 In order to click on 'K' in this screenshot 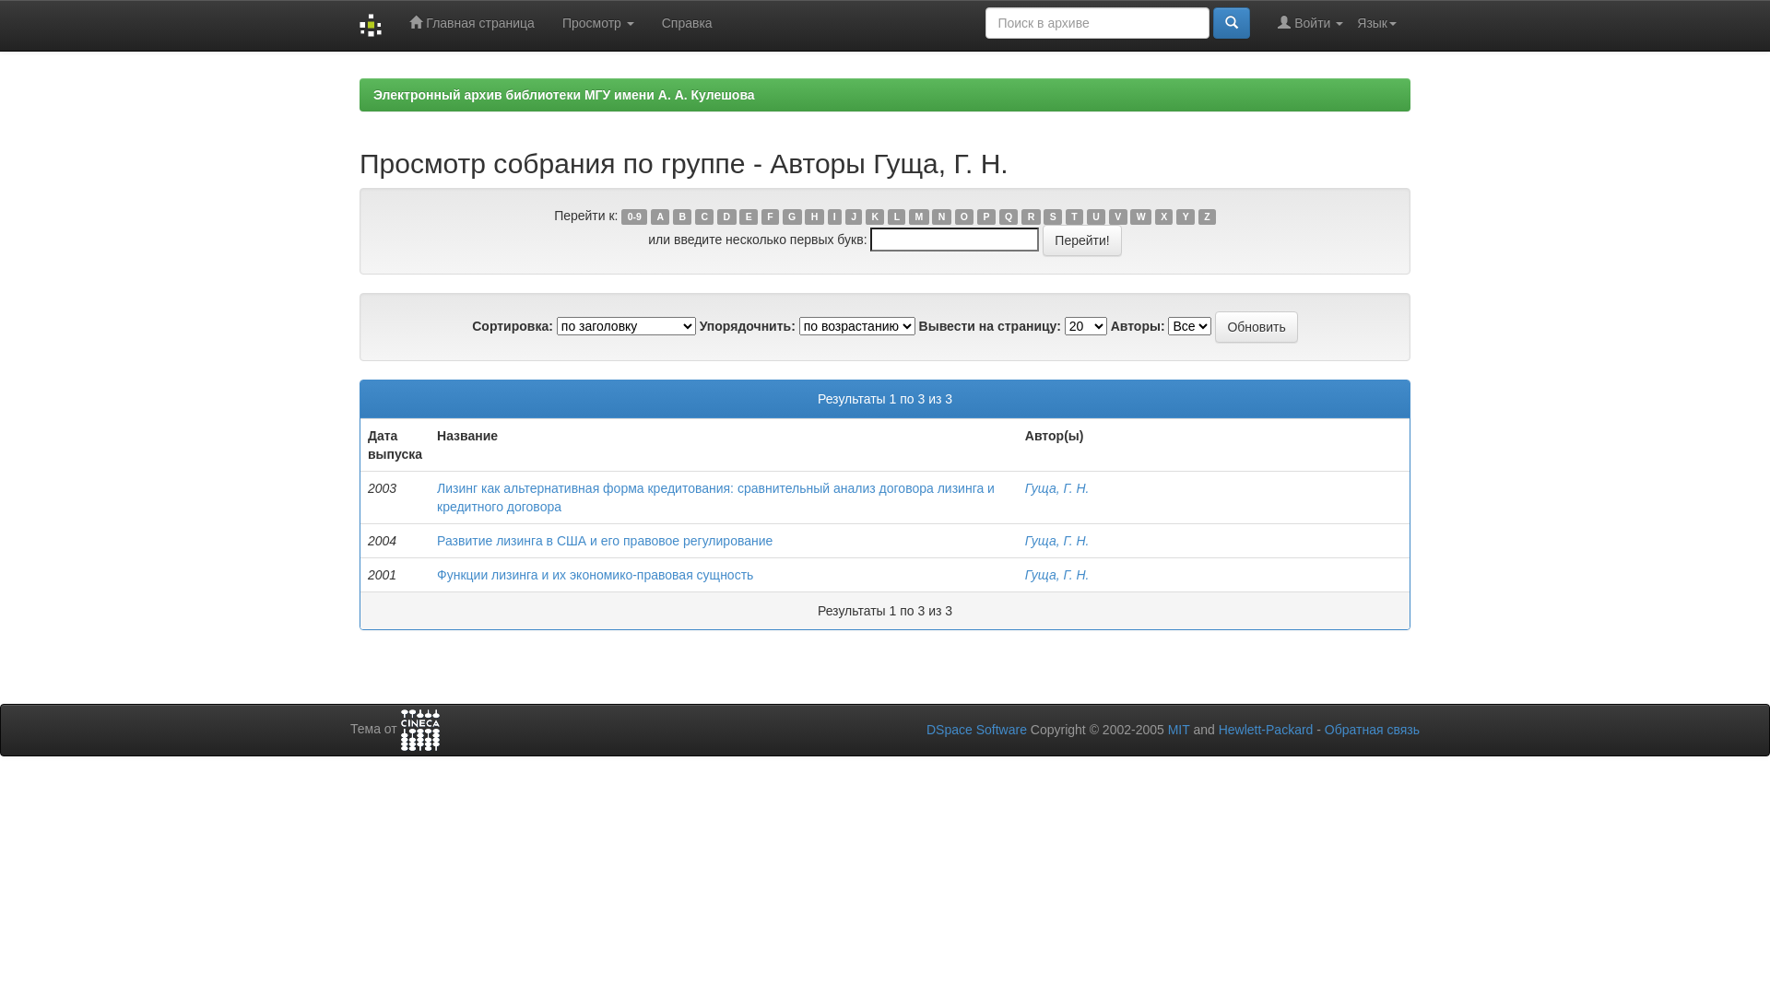, I will do `click(874, 216)`.